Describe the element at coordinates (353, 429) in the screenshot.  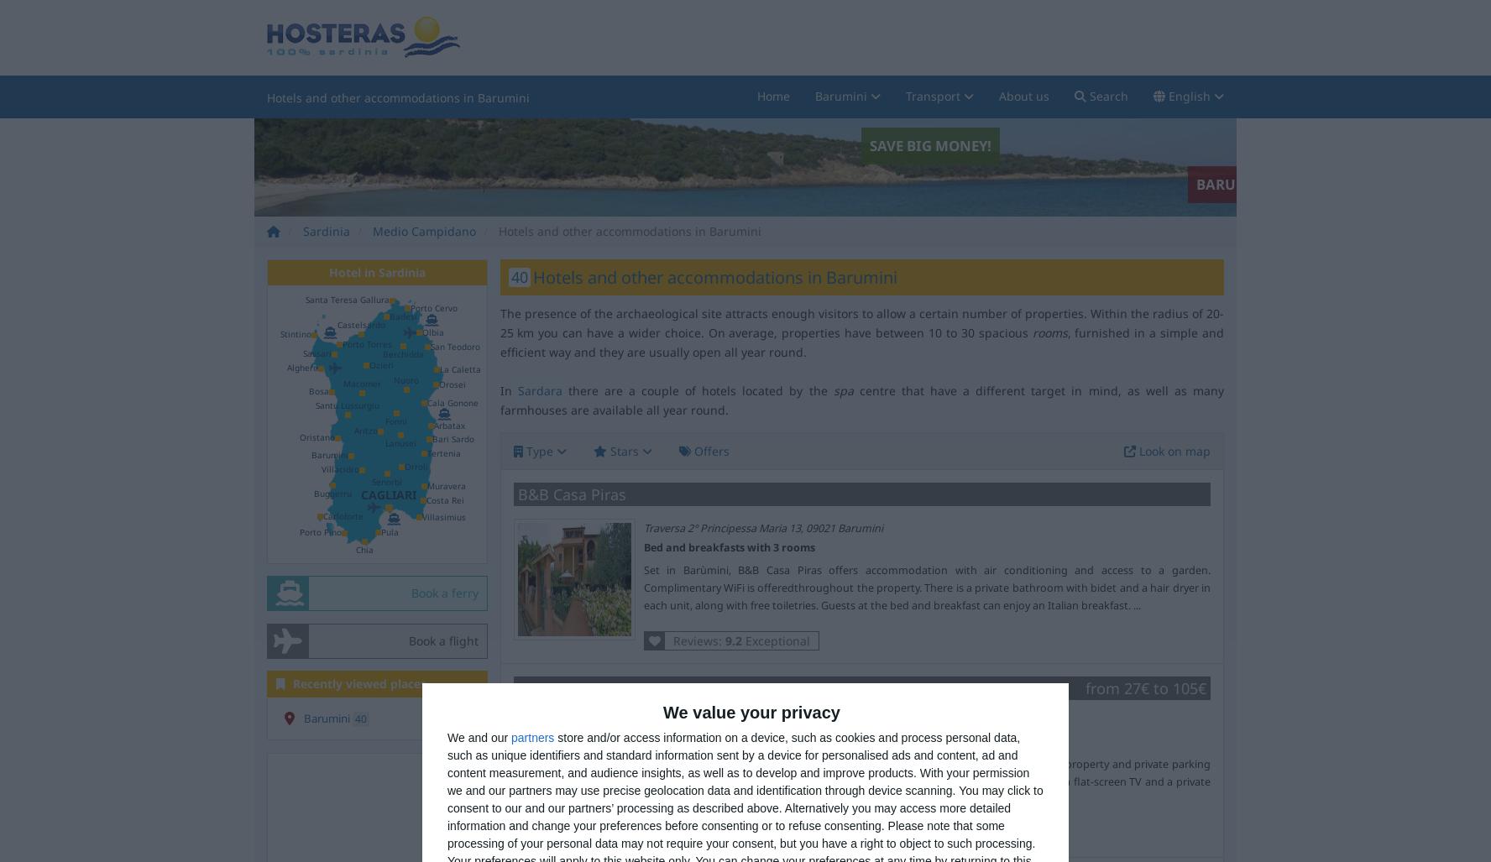
I see `'Aritzo'` at that location.